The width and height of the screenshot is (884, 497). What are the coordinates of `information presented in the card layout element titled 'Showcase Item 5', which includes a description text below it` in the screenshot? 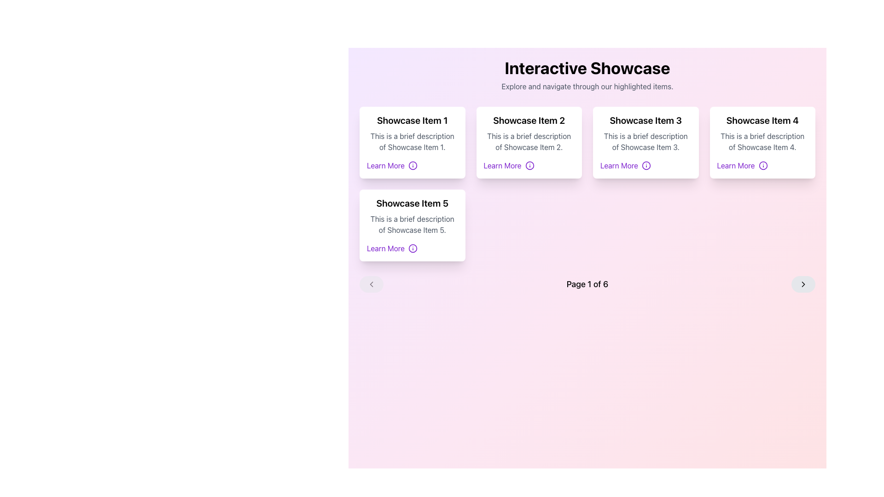 It's located at (412, 216).